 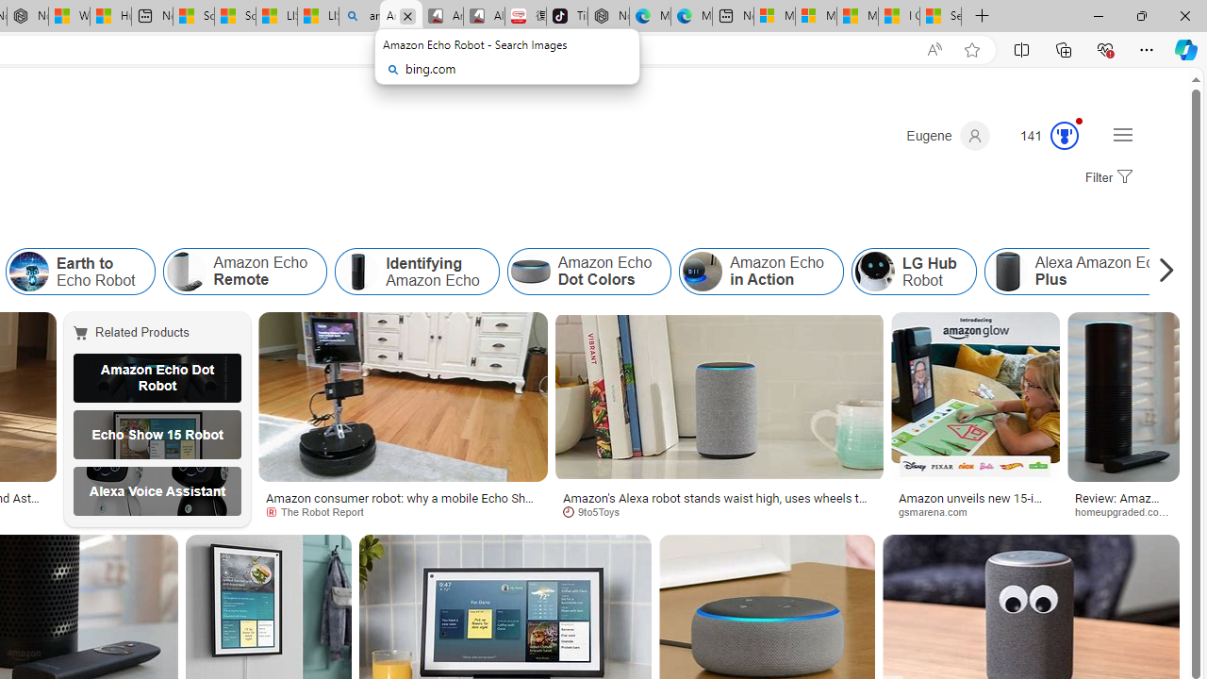 What do you see at coordinates (608, 16) in the screenshot?
I see `'Nordace - Best Sellers'` at bounding box center [608, 16].